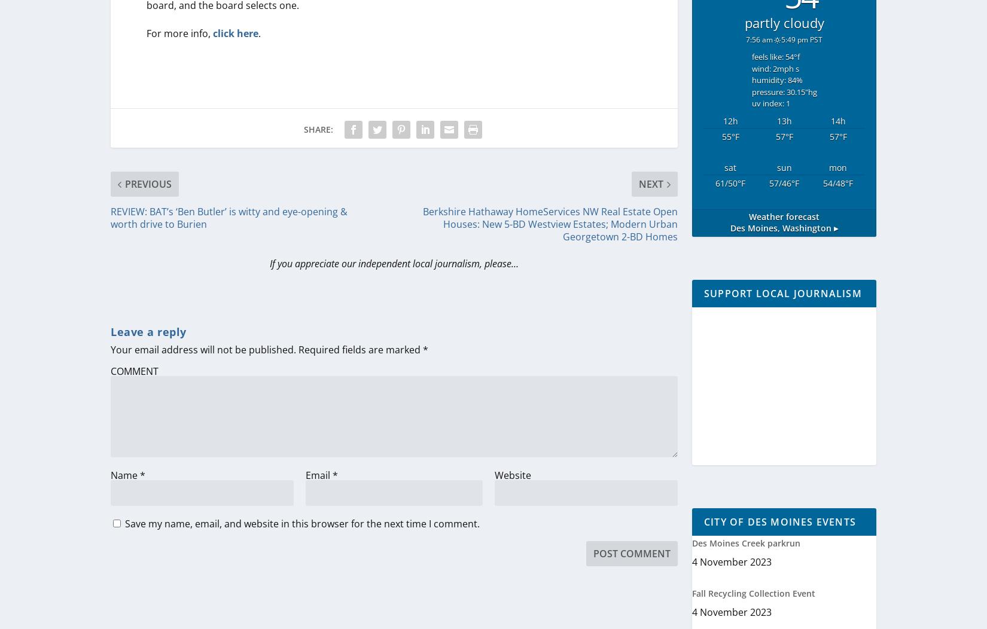 This screenshot has height=629, width=987. What do you see at coordinates (809, 90) in the screenshot?
I see `'"Hg'` at bounding box center [809, 90].